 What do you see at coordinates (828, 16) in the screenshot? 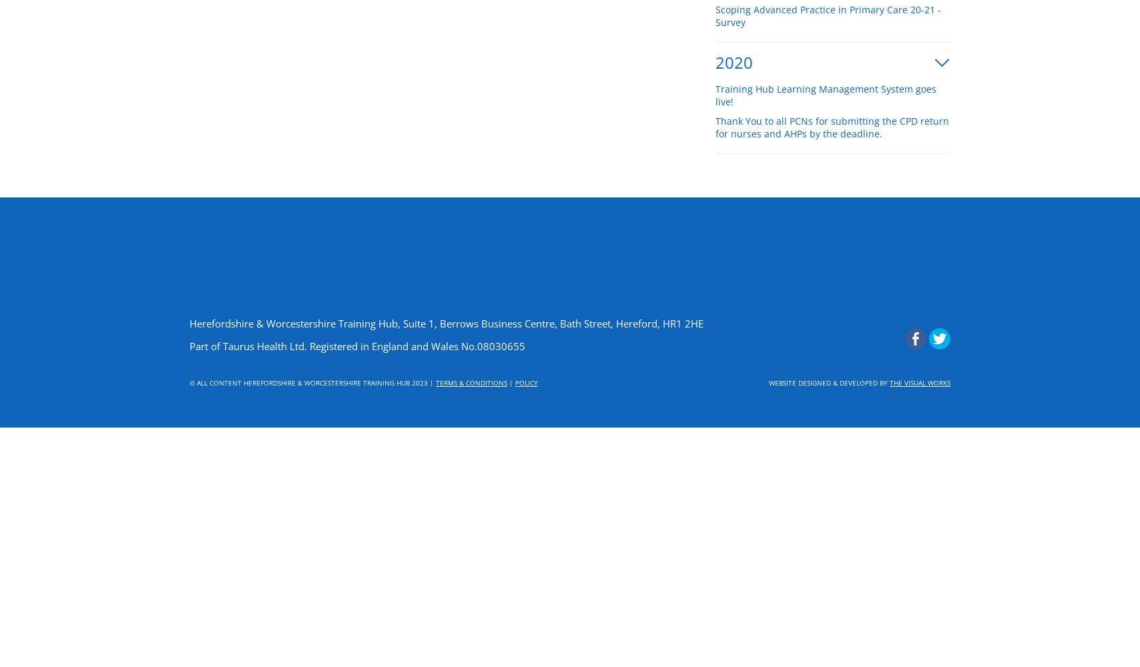
I see `'Scoping Advanced Practice in Primary Care 20-21 - Survey'` at bounding box center [828, 16].